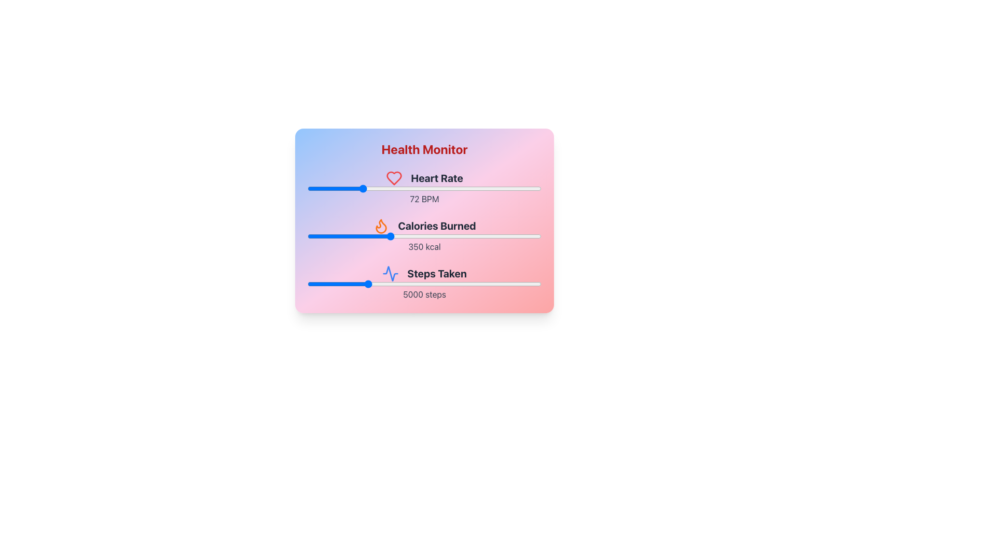 Image resolution: width=996 pixels, height=560 pixels. Describe the element at coordinates (403, 236) in the screenshot. I see `the calories burned slider` at that location.